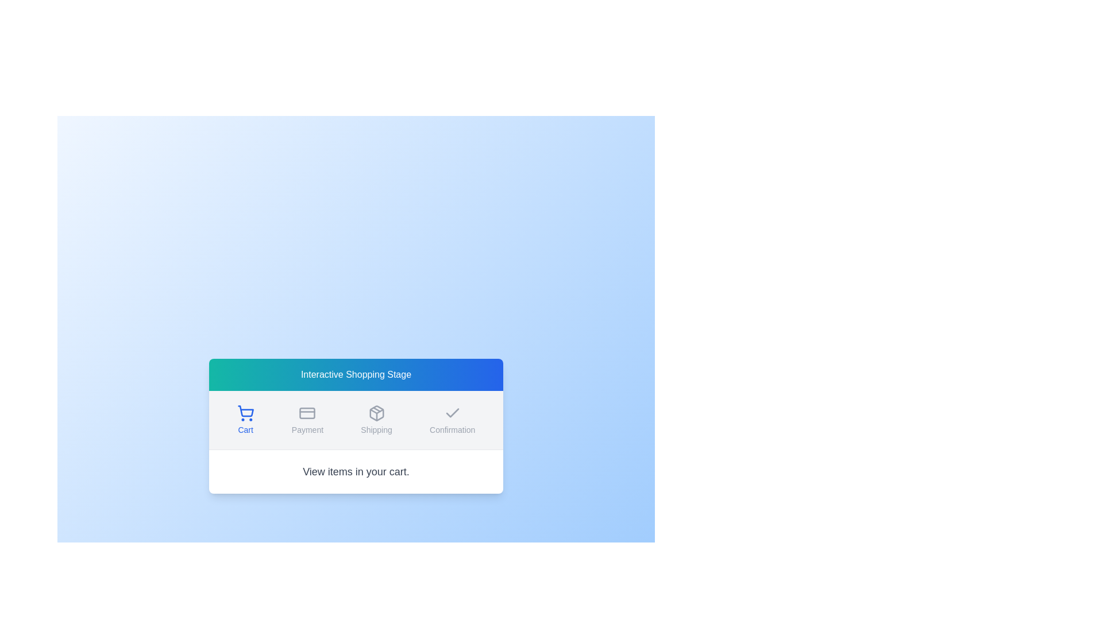  Describe the element at coordinates (452, 429) in the screenshot. I see `the 'Confirmation' Text Label, which categorizes the section it belongs to and is positioned at the bottom-center beneath the checkmark icon` at that location.